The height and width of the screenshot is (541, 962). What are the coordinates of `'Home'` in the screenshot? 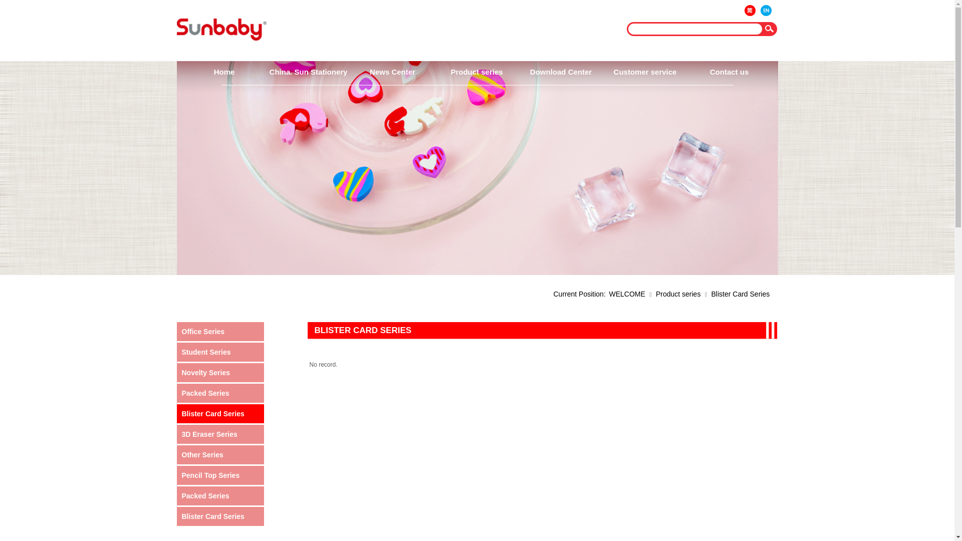 It's located at (184, 71).